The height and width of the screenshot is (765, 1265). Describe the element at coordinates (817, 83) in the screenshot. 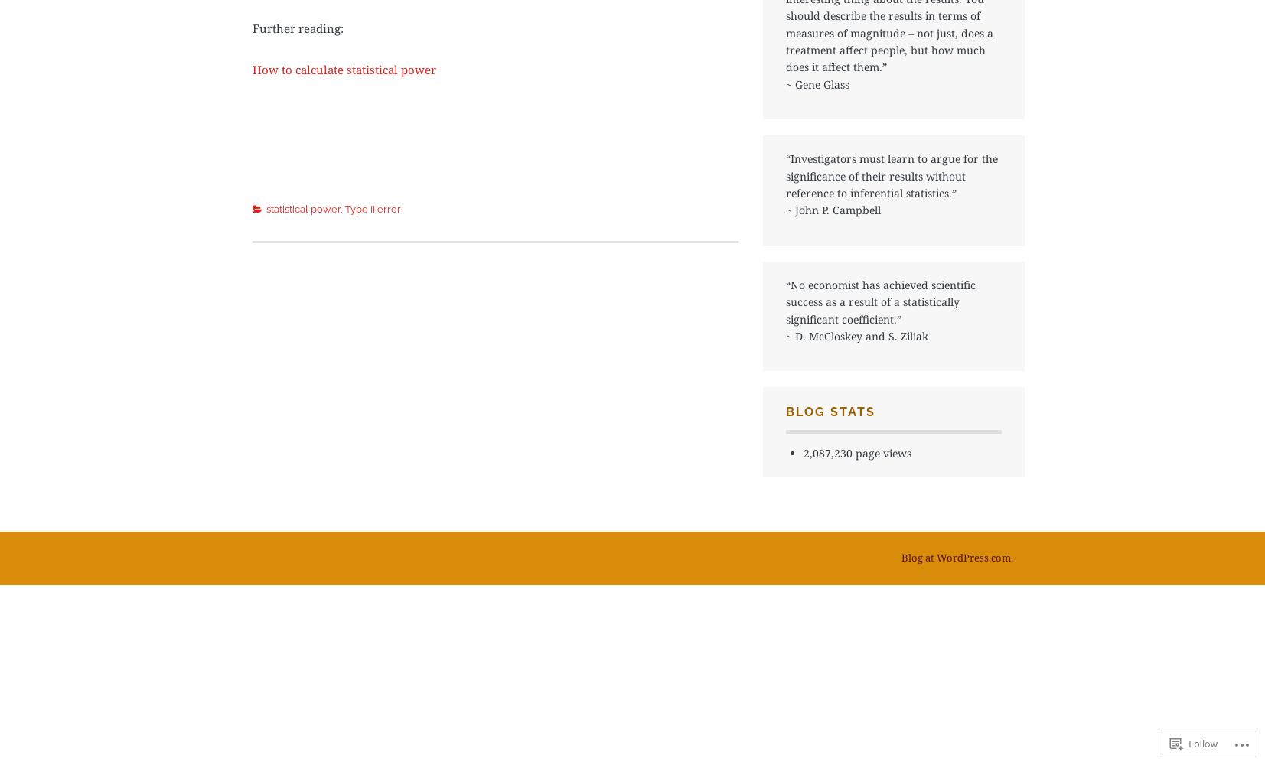

I see `'~ Gene Glass'` at that location.